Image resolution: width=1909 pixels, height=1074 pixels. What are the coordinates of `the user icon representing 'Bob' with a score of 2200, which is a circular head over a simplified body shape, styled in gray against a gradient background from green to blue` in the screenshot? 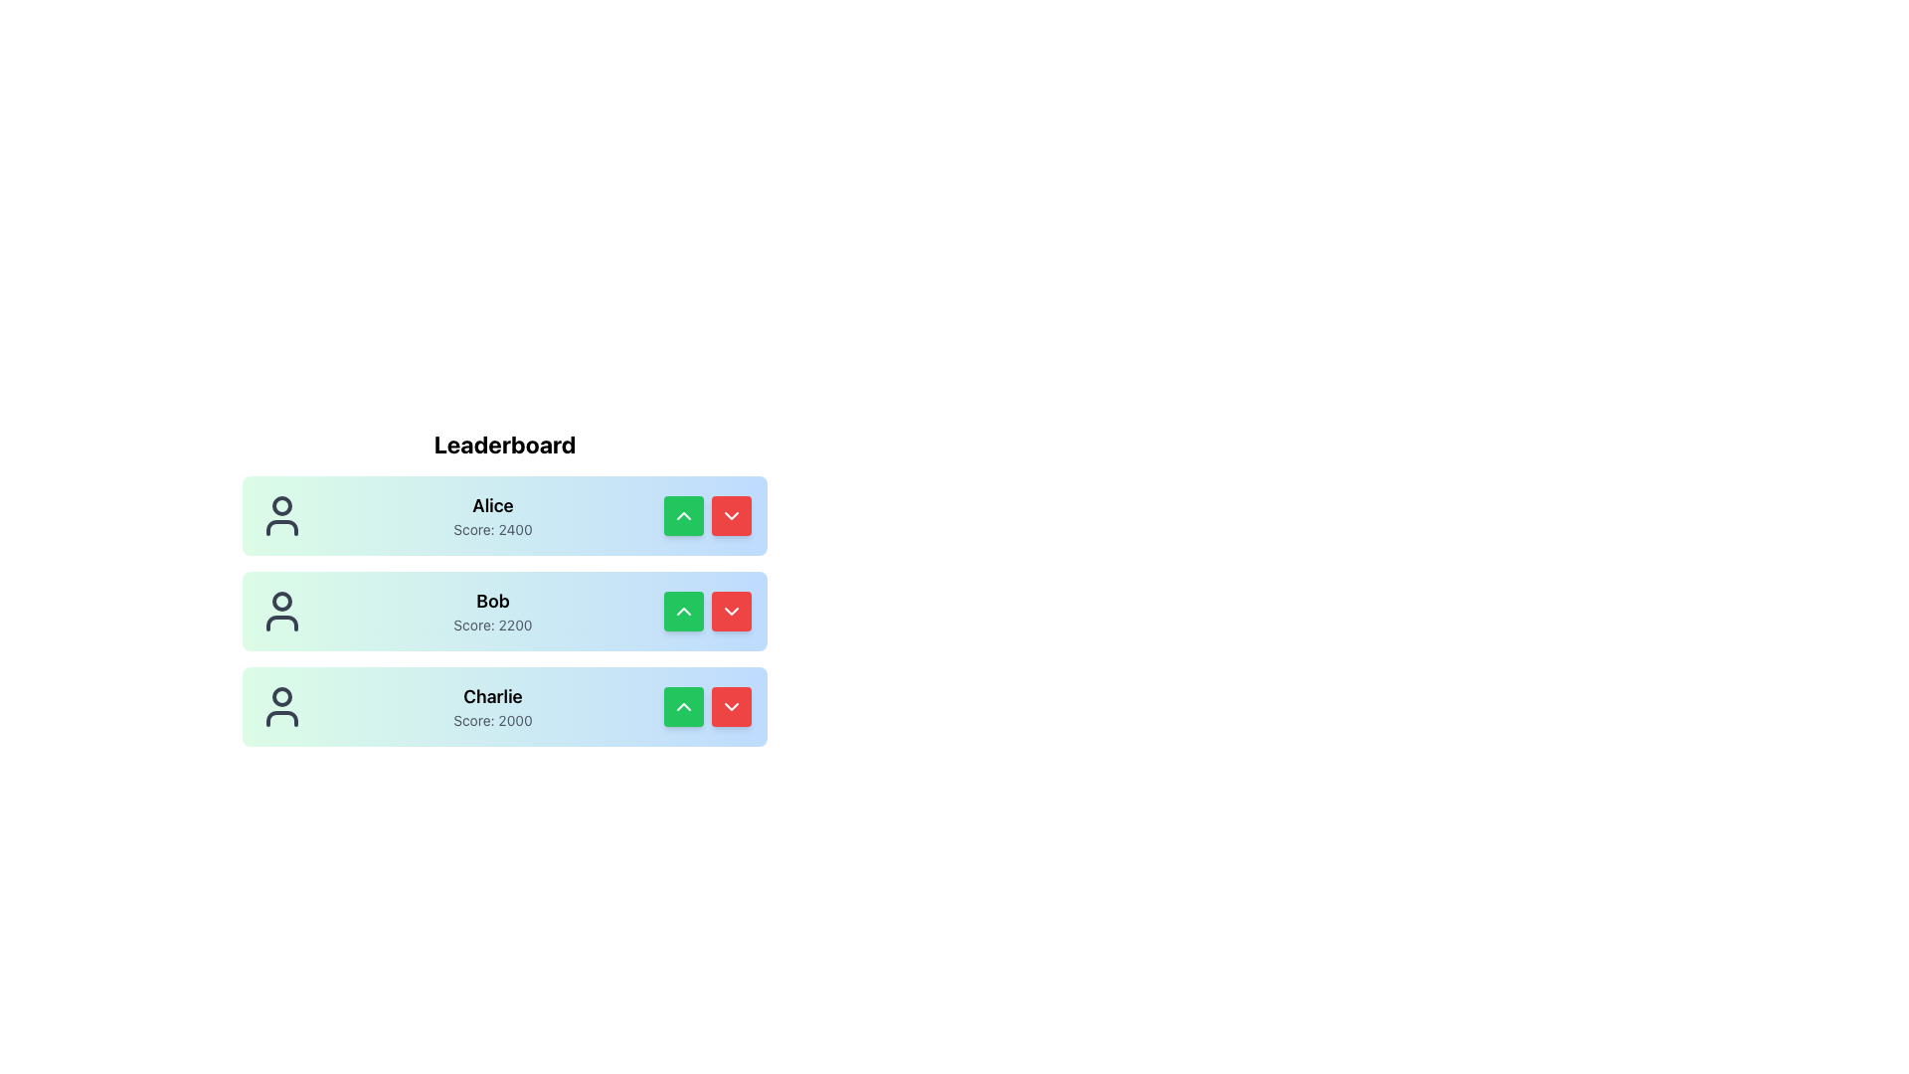 It's located at (280, 610).